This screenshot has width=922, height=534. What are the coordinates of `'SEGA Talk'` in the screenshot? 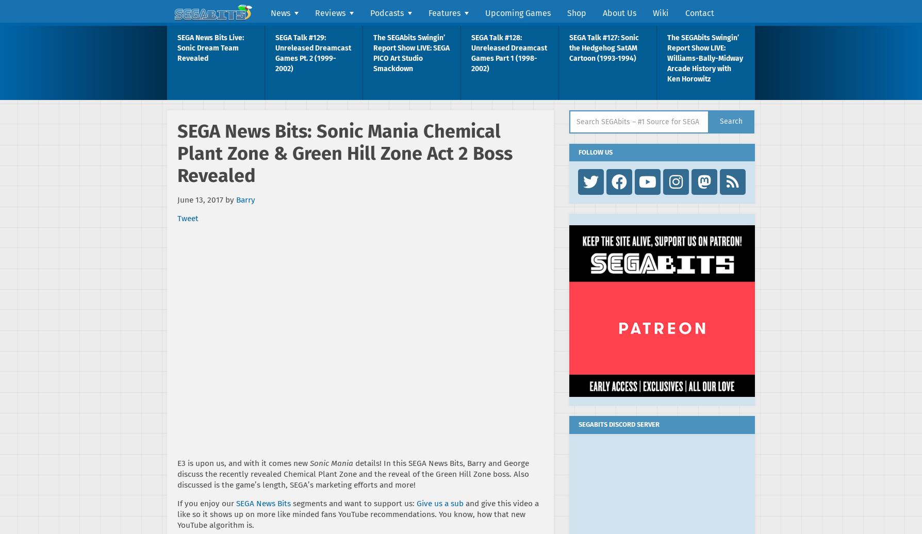 It's located at (446, 197).